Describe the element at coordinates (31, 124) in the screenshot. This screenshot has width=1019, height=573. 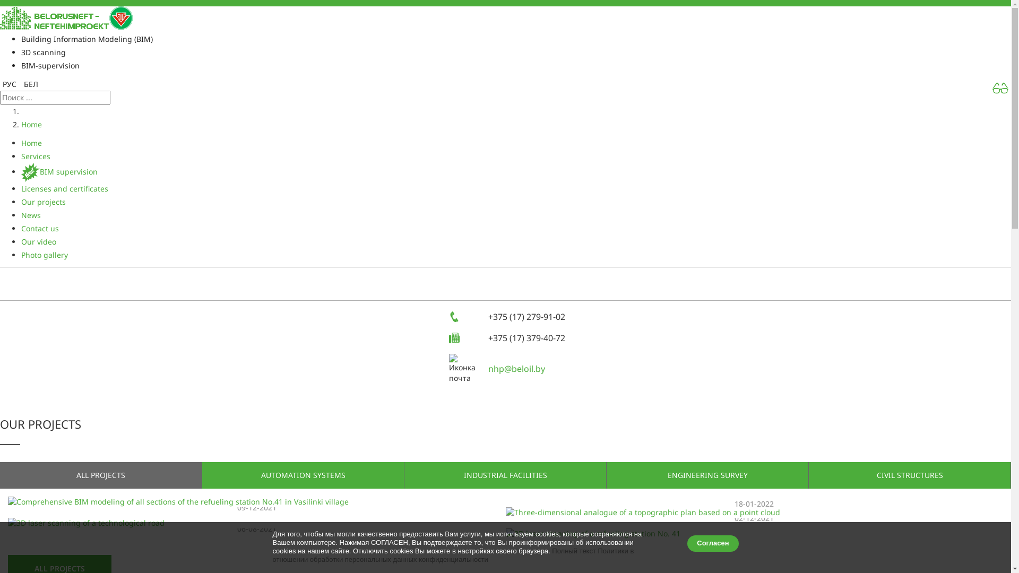
I see `'Home'` at that location.